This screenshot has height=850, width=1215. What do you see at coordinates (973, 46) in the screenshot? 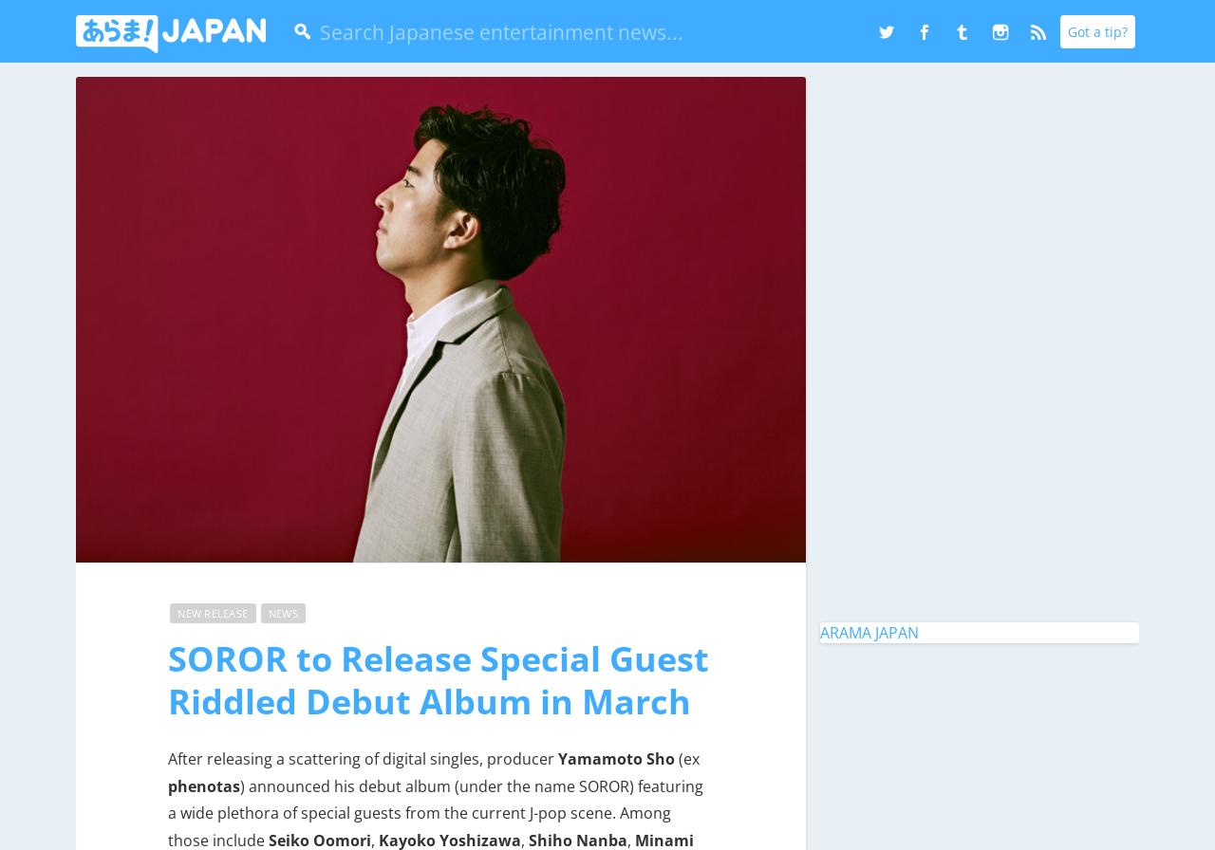
I see `'Facebook'` at bounding box center [973, 46].